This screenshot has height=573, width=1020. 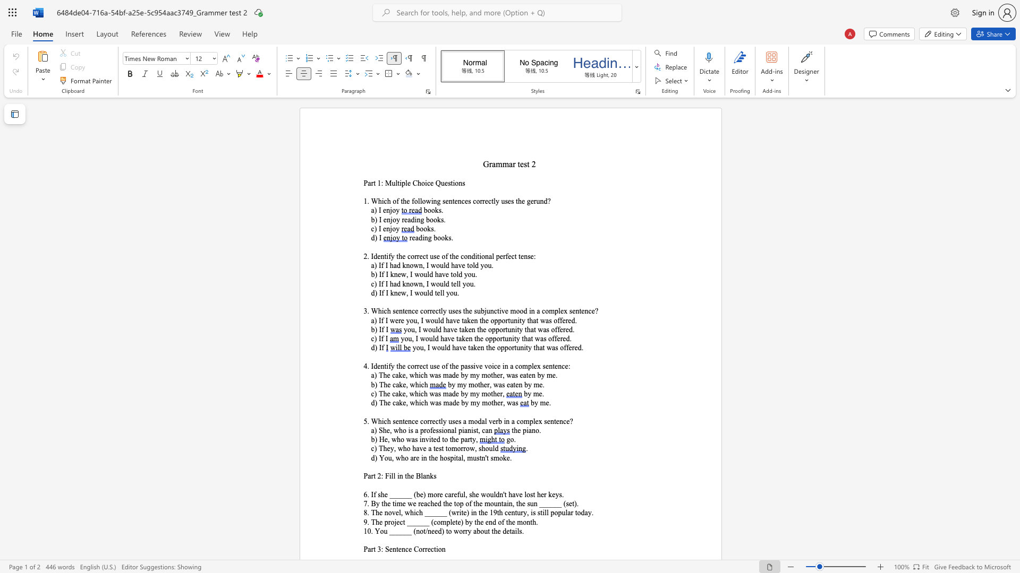 What do you see at coordinates (425, 320) in the screenshot?
I see `the subset text "would have taken the opportunity that" within the text "a) If I were you, I would have taken the opportunity that was offered."` at bounding box center [425, 320].